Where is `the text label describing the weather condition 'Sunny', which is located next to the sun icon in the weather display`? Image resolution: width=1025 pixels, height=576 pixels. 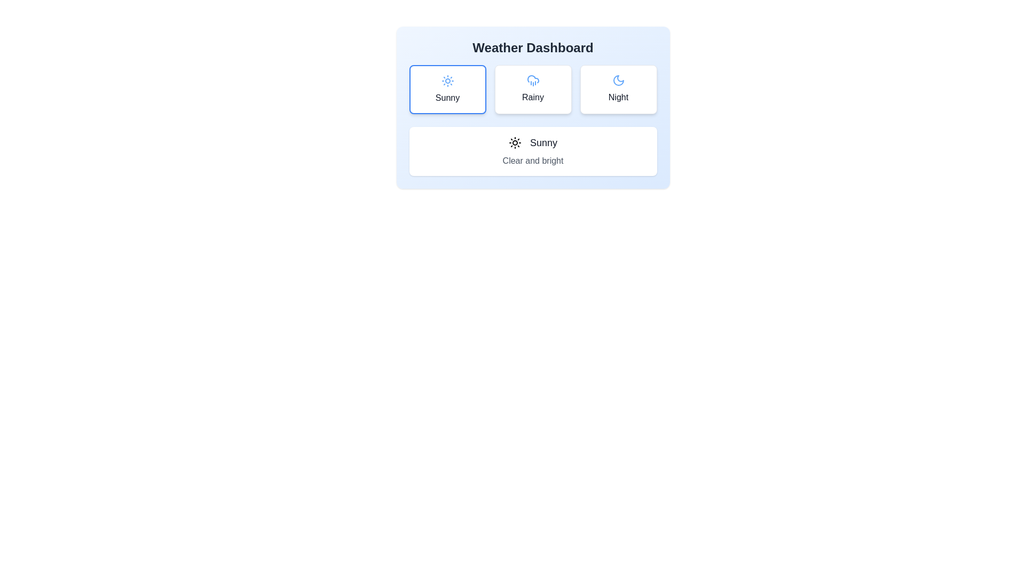
the text label describing the weather condition 'Sunny', which is located next to the sun icon in the weather display is located at coordinates (543, 142).